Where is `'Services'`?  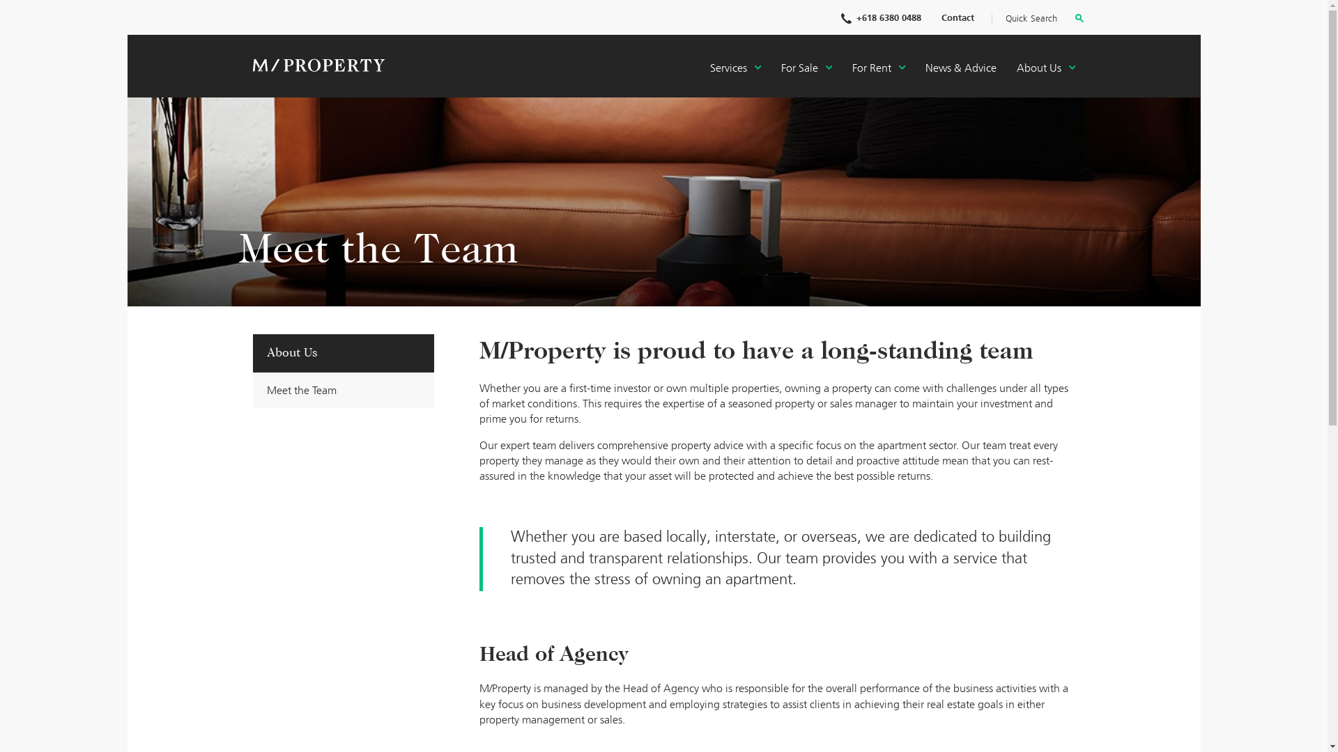
'Services' is located at coordinates (734, 69).